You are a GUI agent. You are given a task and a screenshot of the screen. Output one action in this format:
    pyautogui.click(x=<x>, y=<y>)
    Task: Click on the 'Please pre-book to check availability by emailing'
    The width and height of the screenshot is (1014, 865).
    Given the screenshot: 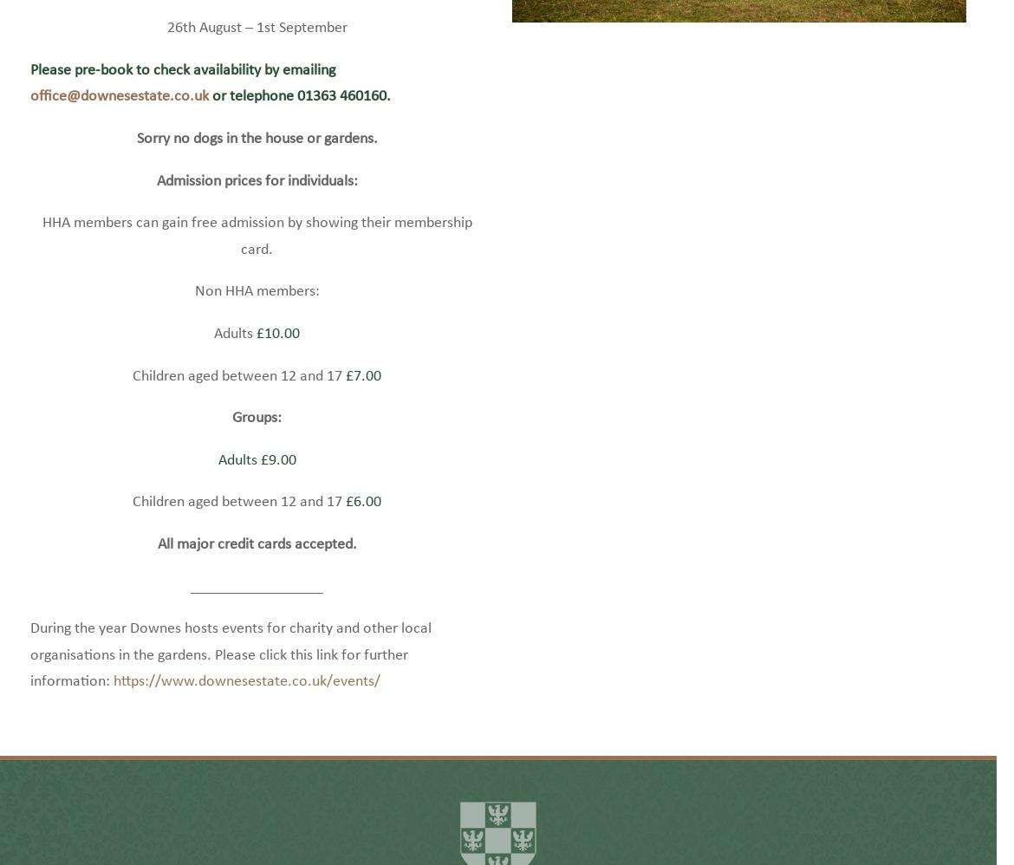 What is the action you would take?
    pyautogui.click(x=182, y=95)
    